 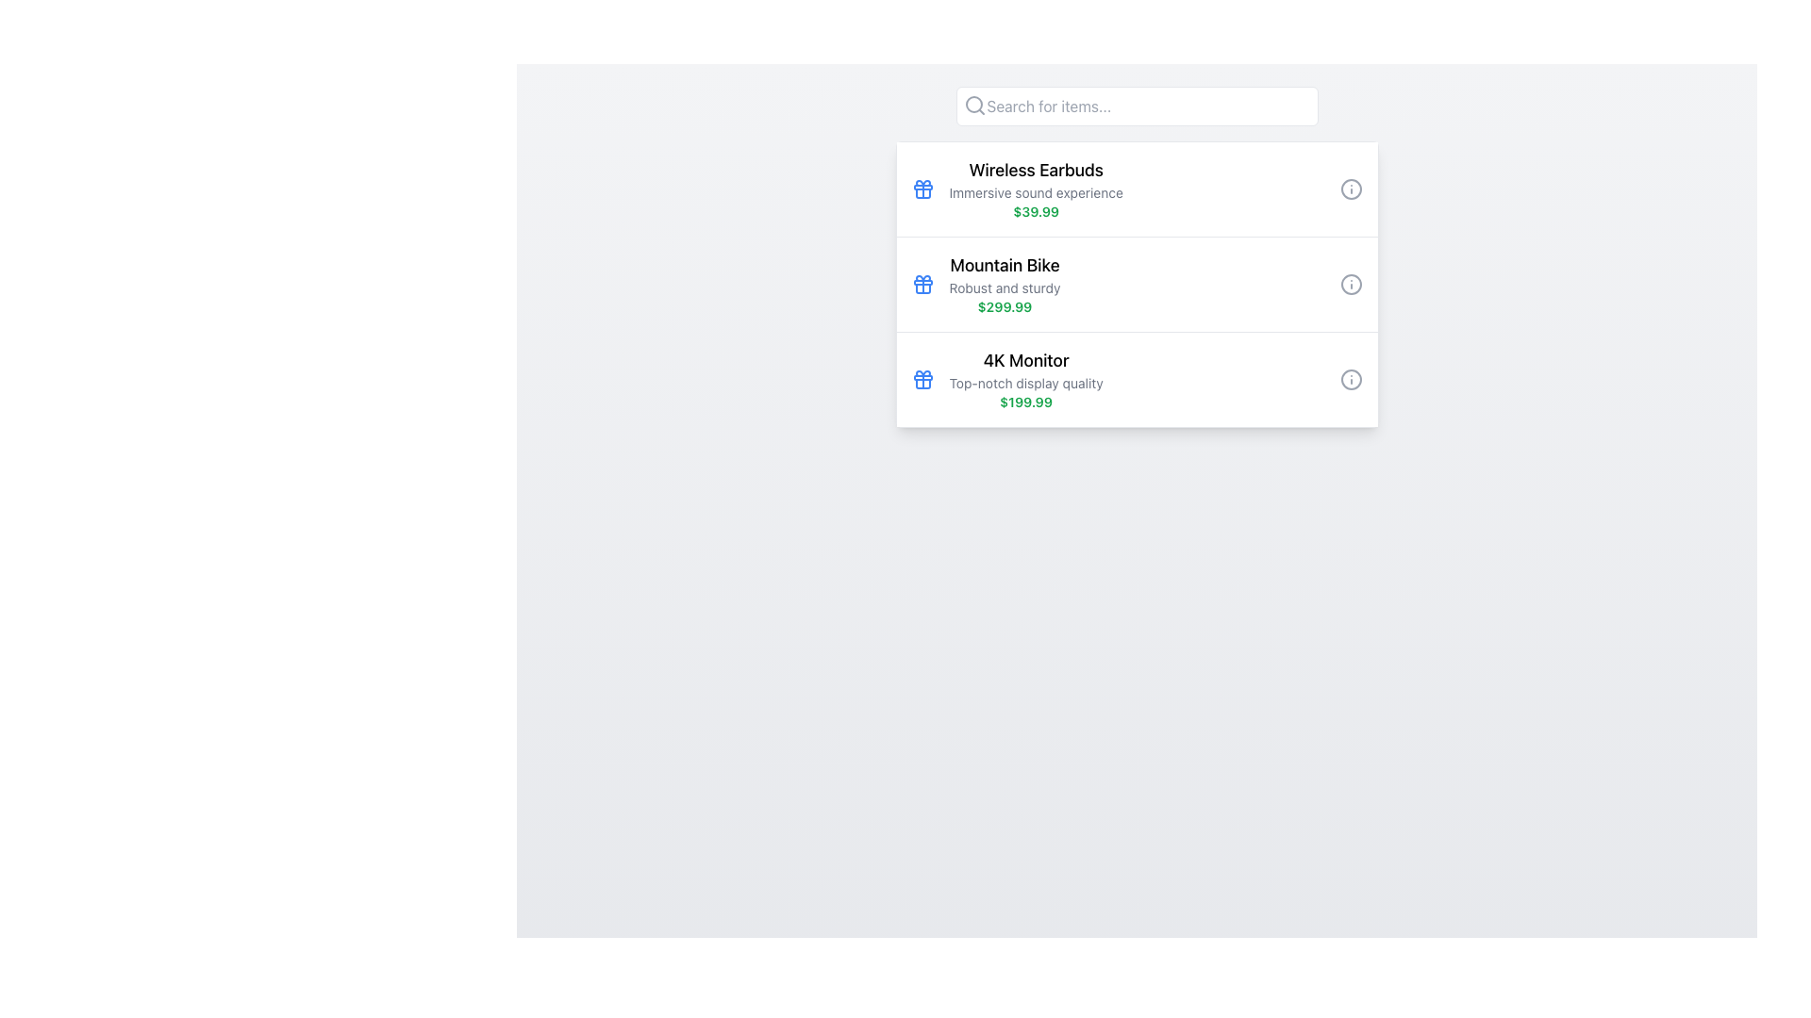 What do you see at coordinates (922, 284) in the screenshot?
I see `the blue gift icon located to the left of the bold 'Mountain Bike' text in the vertical list component` at bounding box center [922, 284].